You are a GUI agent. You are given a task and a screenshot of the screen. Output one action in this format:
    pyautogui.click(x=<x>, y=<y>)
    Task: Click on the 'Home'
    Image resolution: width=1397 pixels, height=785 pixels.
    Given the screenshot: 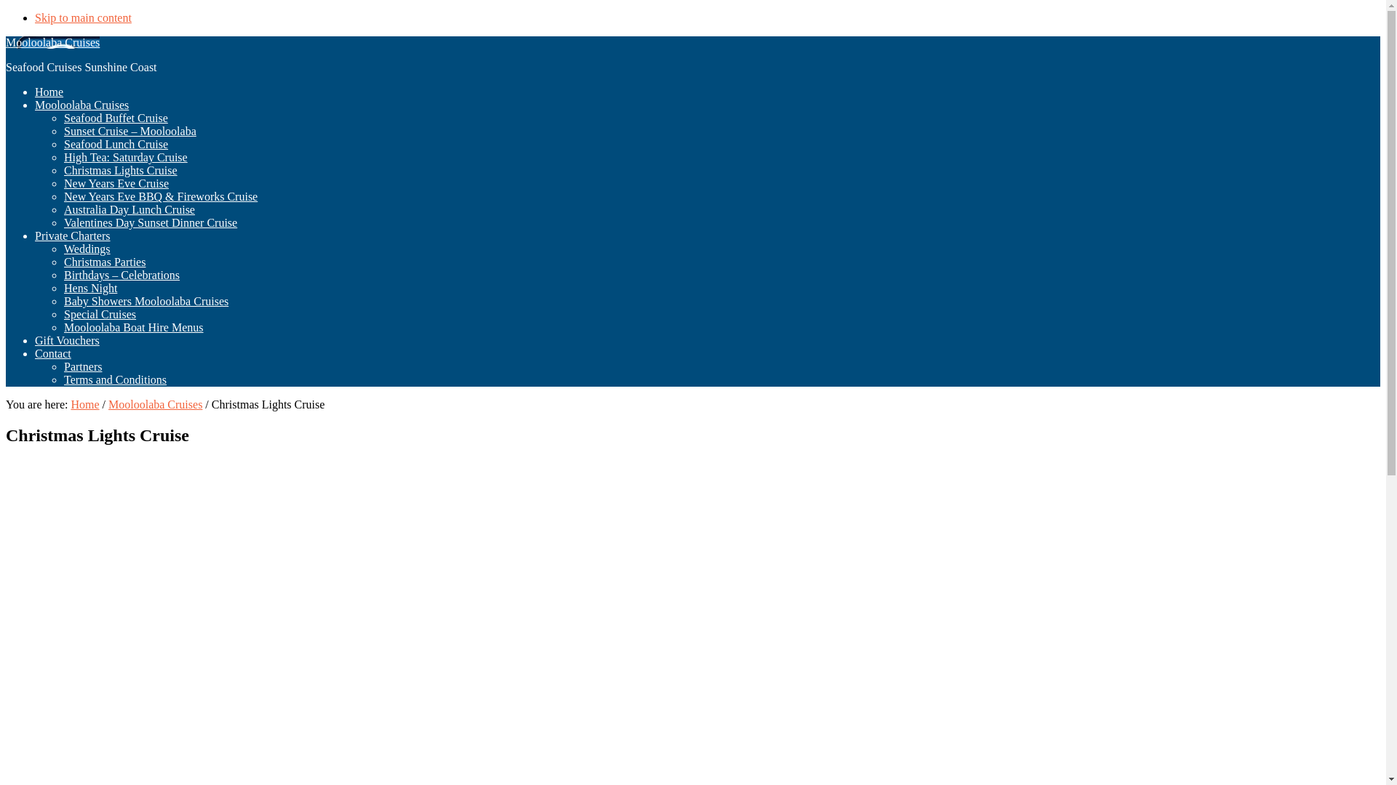 What is the action you would take?
    pyautogui.click(x=69, y=404)
    